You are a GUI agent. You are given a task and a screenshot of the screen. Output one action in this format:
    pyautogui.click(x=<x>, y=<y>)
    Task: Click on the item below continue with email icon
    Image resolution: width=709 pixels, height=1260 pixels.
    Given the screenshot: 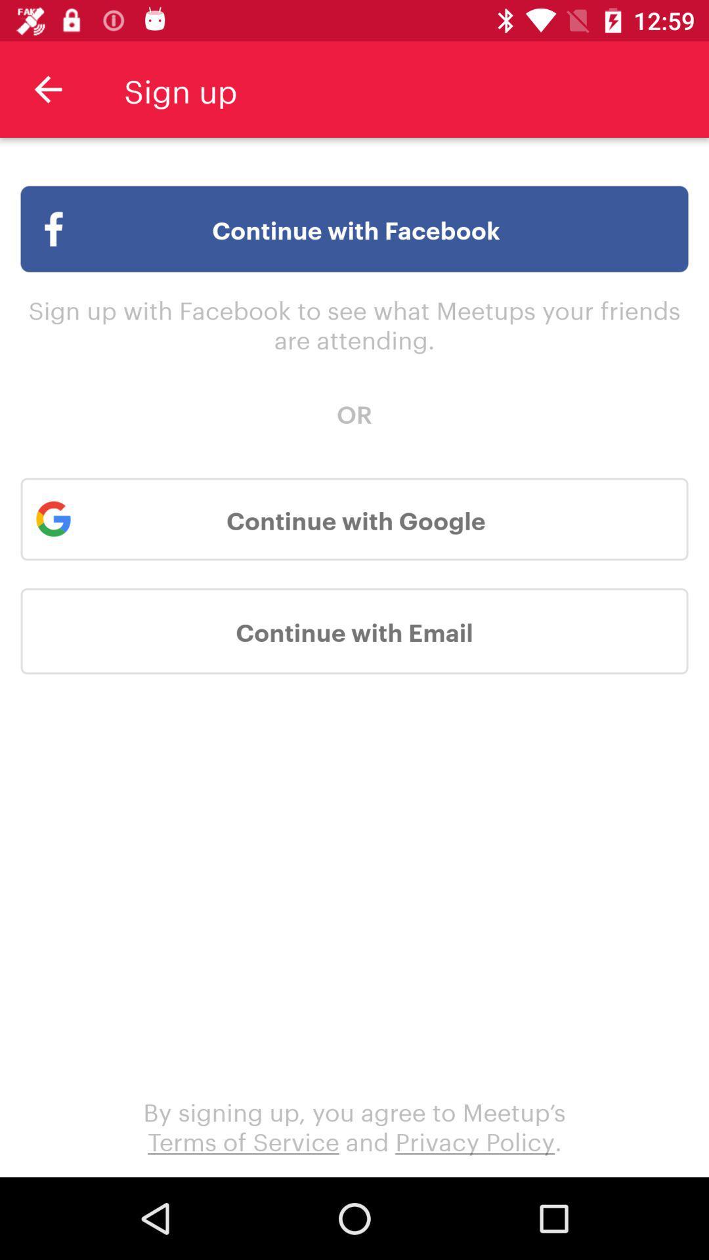 What is the action you would take?
    pyautogui.click(x=354, y=1125)
    